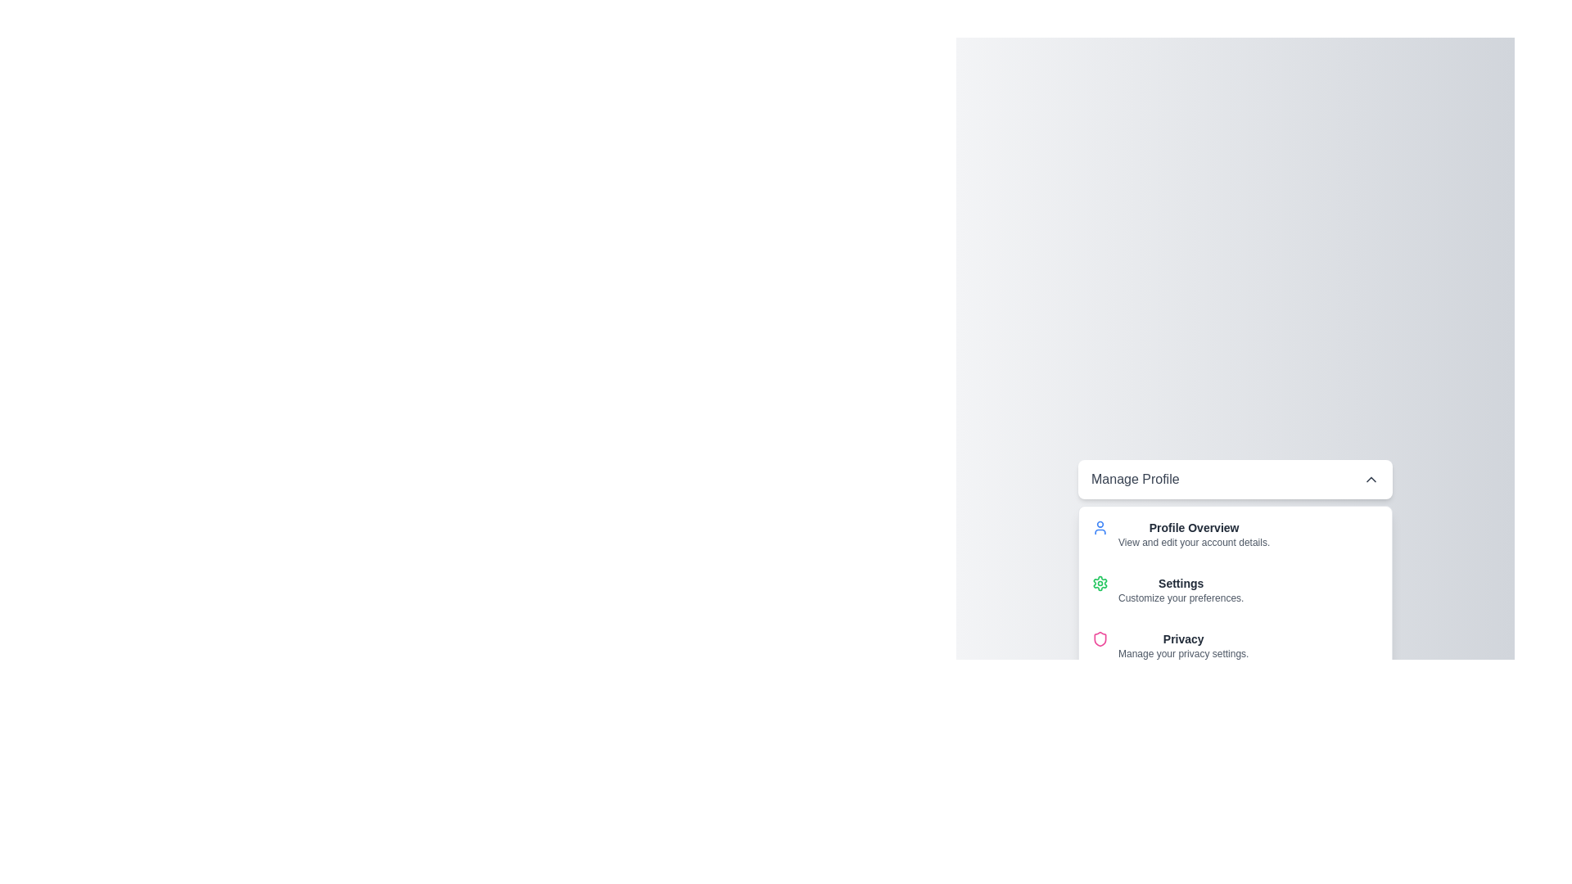  Describe the element at coordinates (1181, 598) in the screenshot. I see `the static textual element that provides information about the 'Settings' option, located beneath the 'Settings' heading and centered horizontally` at that location.